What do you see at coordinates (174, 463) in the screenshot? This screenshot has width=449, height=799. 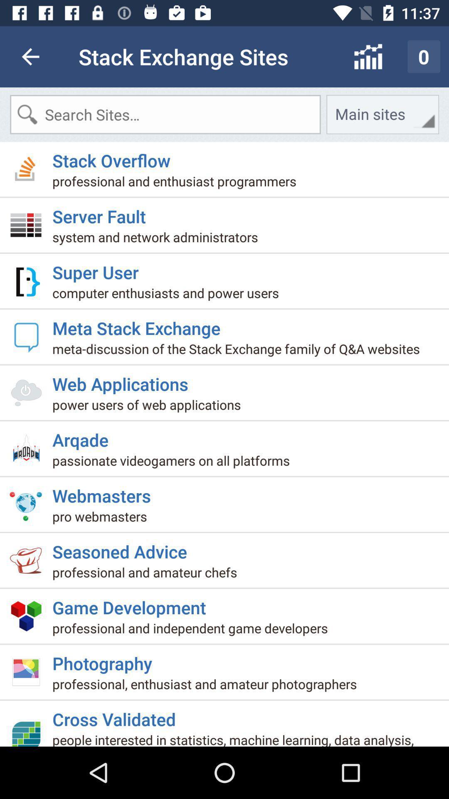 I see `the icon above the webmasters item` at bounding box center [174, 463].